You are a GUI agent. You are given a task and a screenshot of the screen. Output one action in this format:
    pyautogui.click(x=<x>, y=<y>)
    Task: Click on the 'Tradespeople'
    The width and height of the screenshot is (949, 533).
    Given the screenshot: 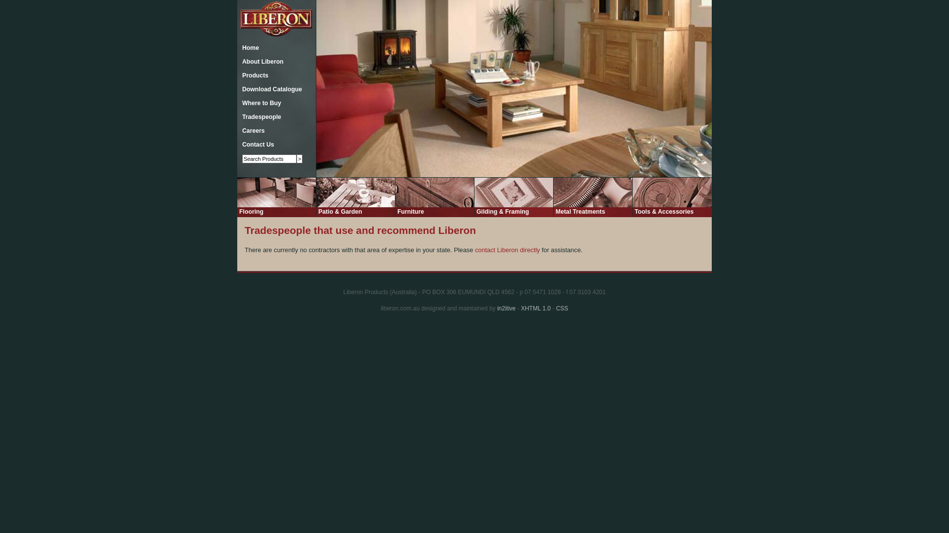 What is the action you would take?
    pyautogui.click(x=259, y=116)
    